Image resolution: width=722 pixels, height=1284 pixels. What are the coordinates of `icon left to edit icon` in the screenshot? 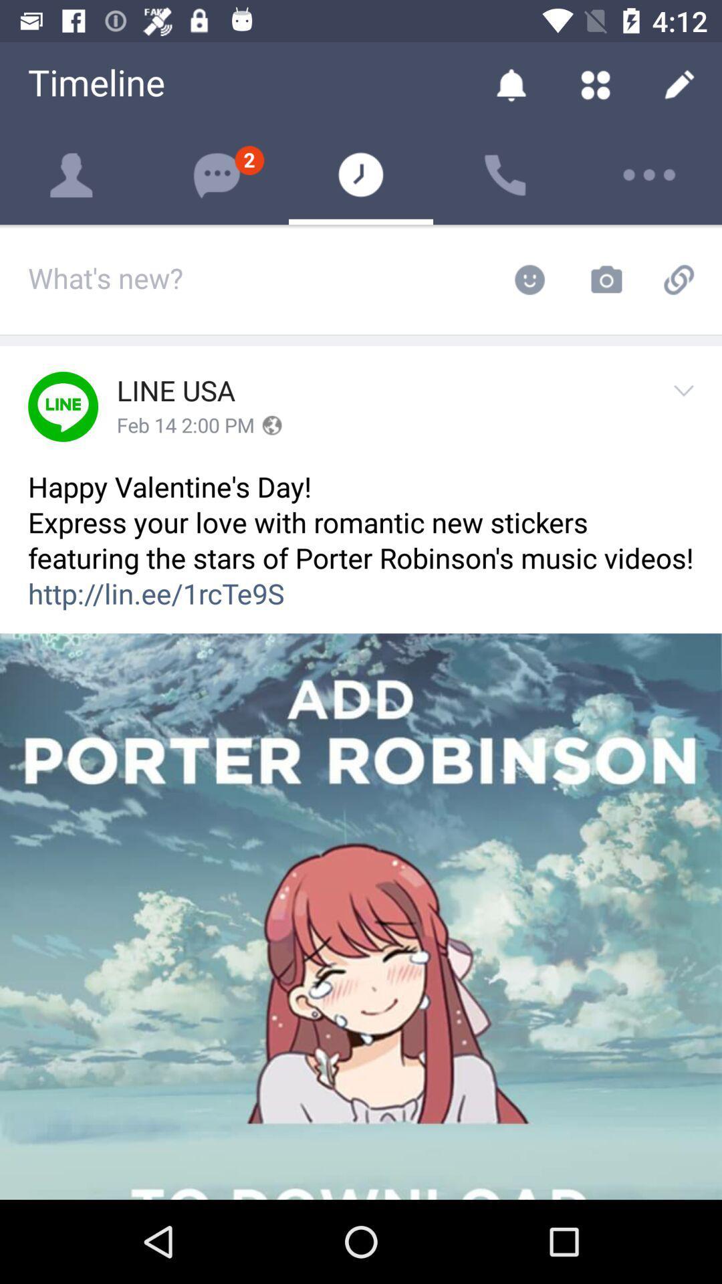 It's located at (595, 83).